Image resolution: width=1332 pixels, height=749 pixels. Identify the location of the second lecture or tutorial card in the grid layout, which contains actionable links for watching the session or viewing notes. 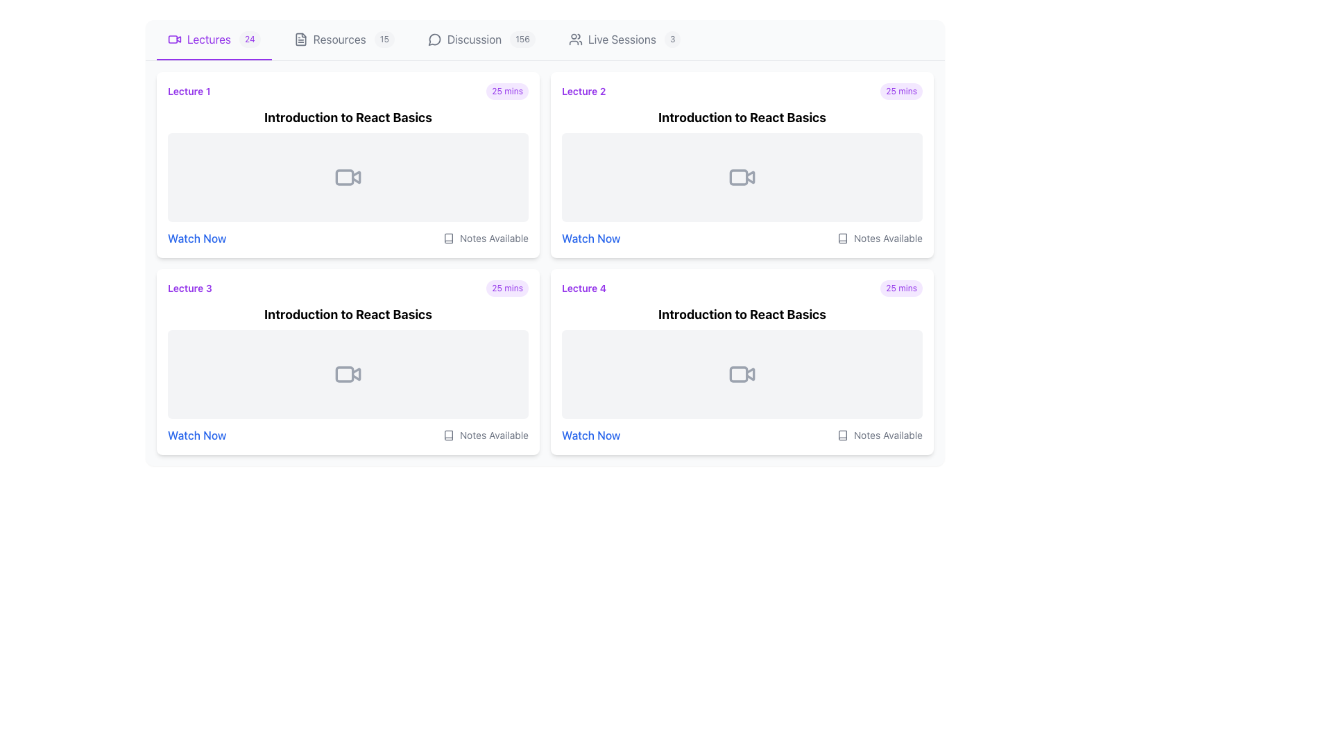
(742, 164).